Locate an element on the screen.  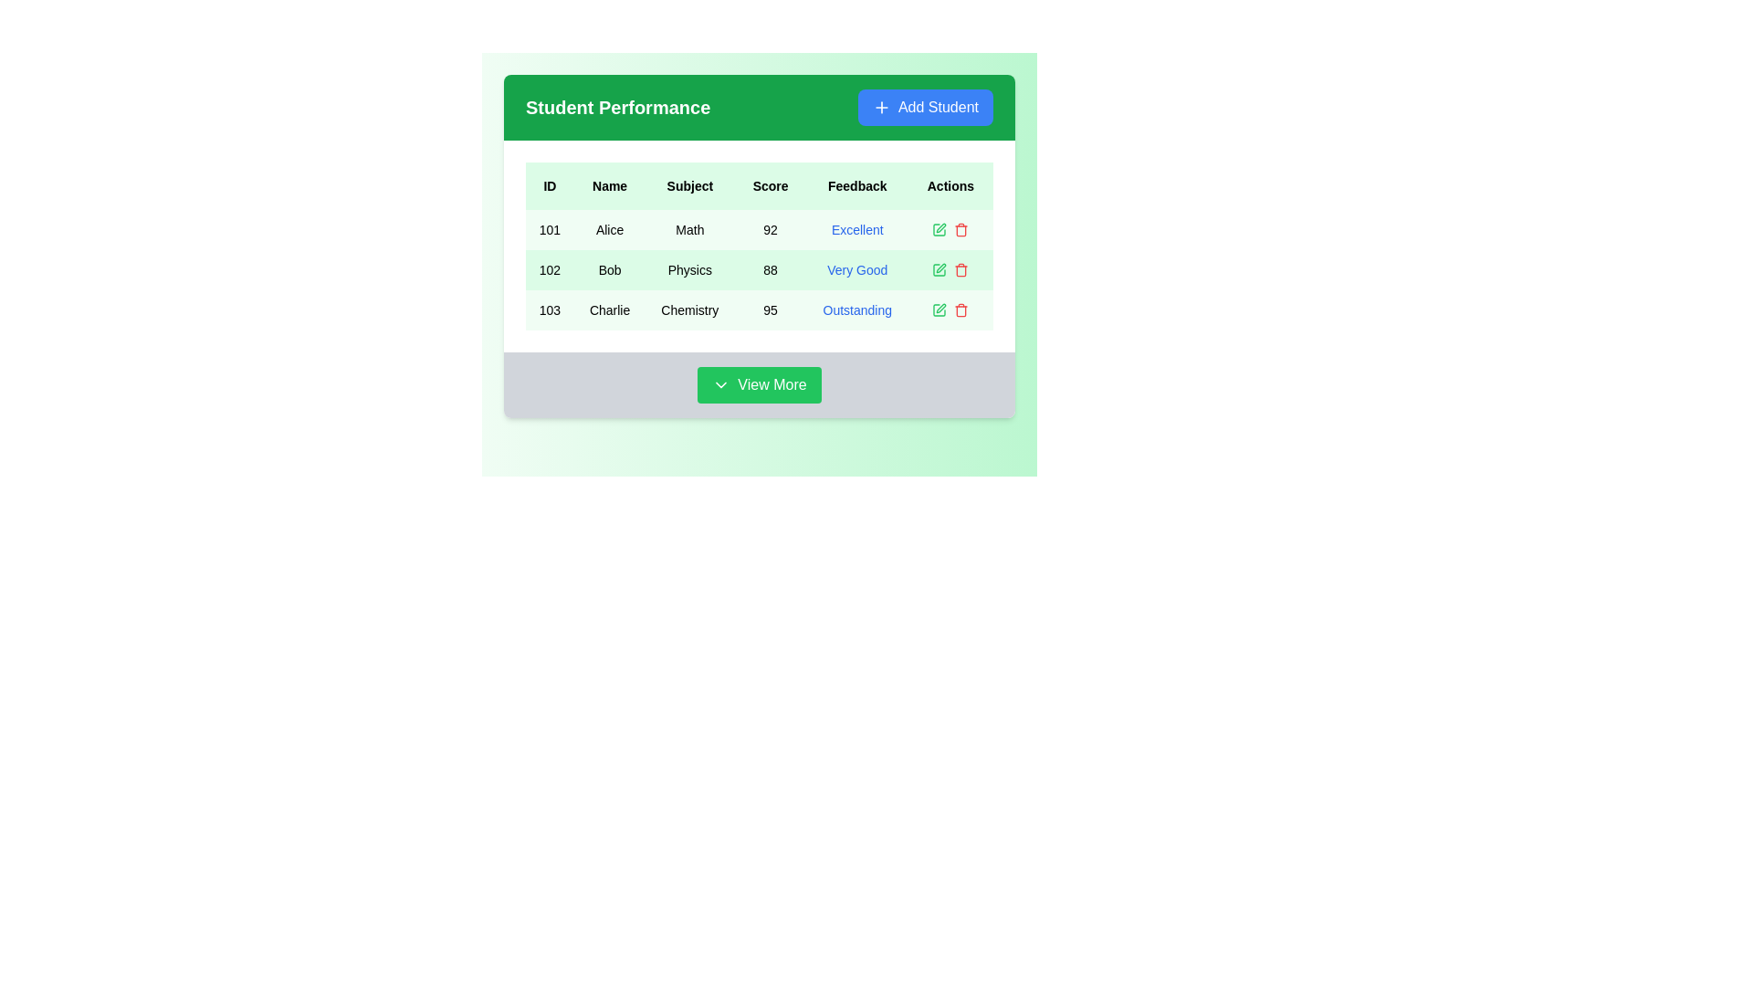
the delete button located in the rightmost position of the 'Actions' column in the table is located at coordinates (960, 309).